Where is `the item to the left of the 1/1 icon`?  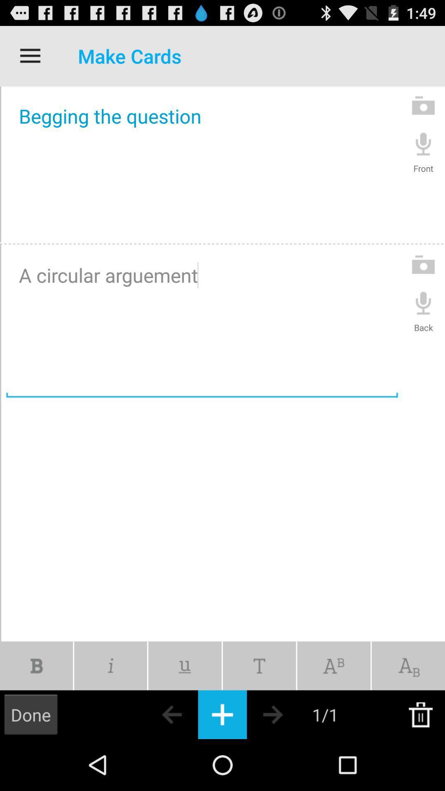 the item to the left of the 1/1 icon is located at coordinates (287, 714).